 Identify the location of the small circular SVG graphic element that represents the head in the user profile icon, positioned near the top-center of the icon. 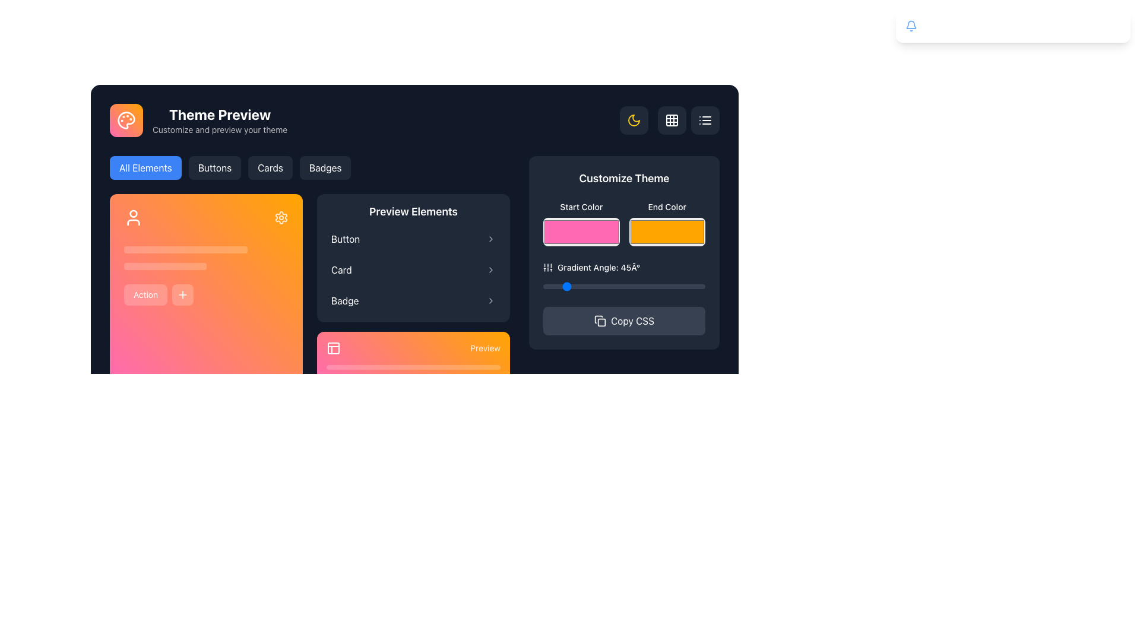
(134, 212).